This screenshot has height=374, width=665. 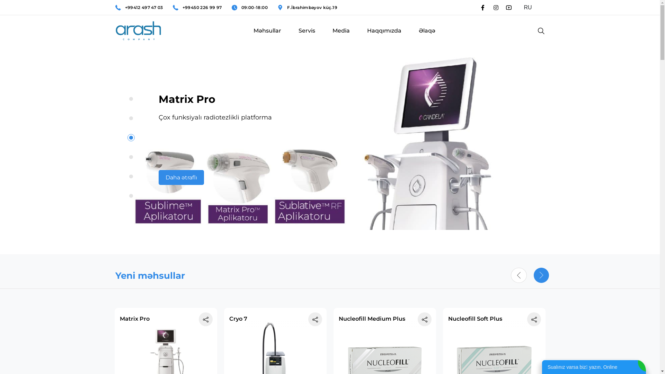 What do you see at coordinates (129, 137) in the screenshot?
I see `'3'` at bounding box center [129, 137].